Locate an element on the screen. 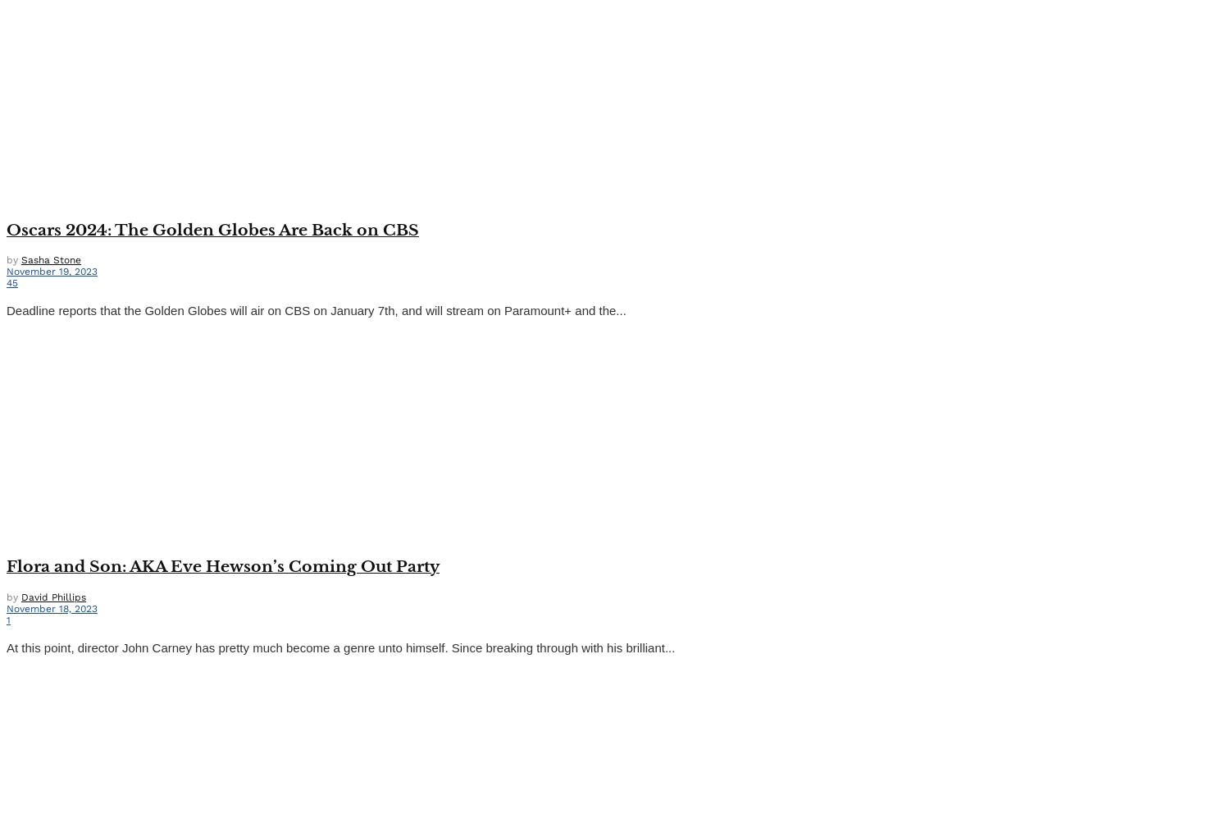  'Oscars 2024: The Golden Globes Are Back on CBS' is located at coordinates (212, 228).